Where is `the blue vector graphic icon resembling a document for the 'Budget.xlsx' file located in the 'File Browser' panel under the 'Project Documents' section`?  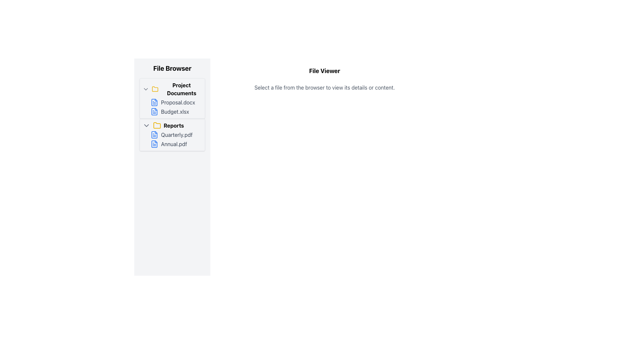 the blue vector graphic icon resembling a document for the 'Budget.xlsx' file located in the 'File Browser' panel under the 'Project Documents' section is located at coordinates (154, 111).